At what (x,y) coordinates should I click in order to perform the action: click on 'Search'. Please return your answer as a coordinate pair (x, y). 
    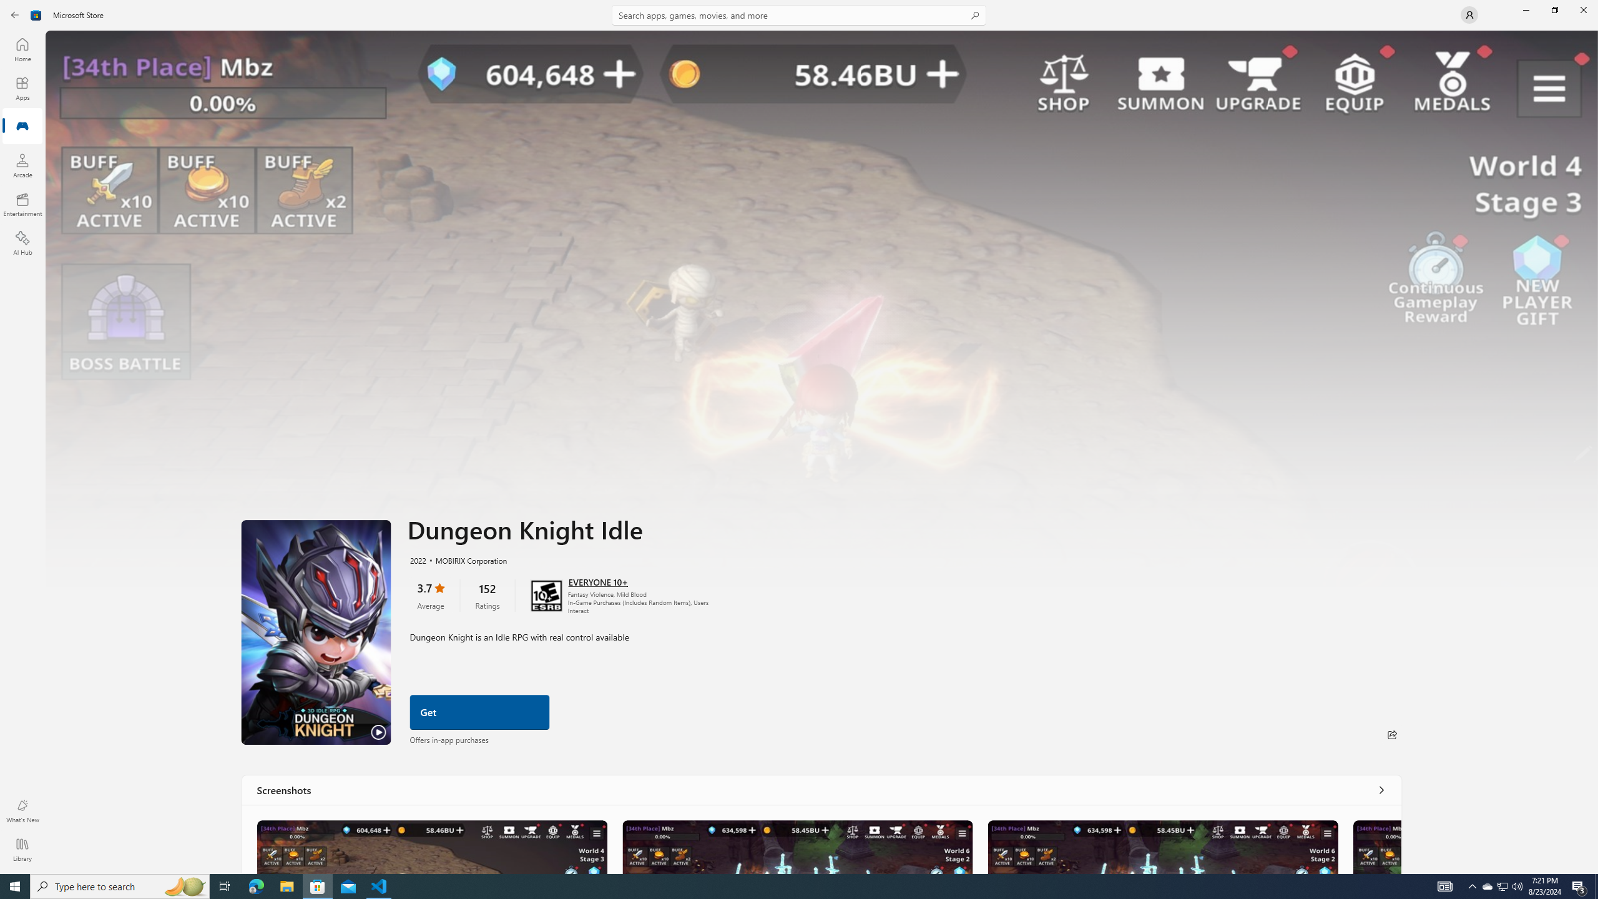
    Looking at the image, I should click on (799, 14).